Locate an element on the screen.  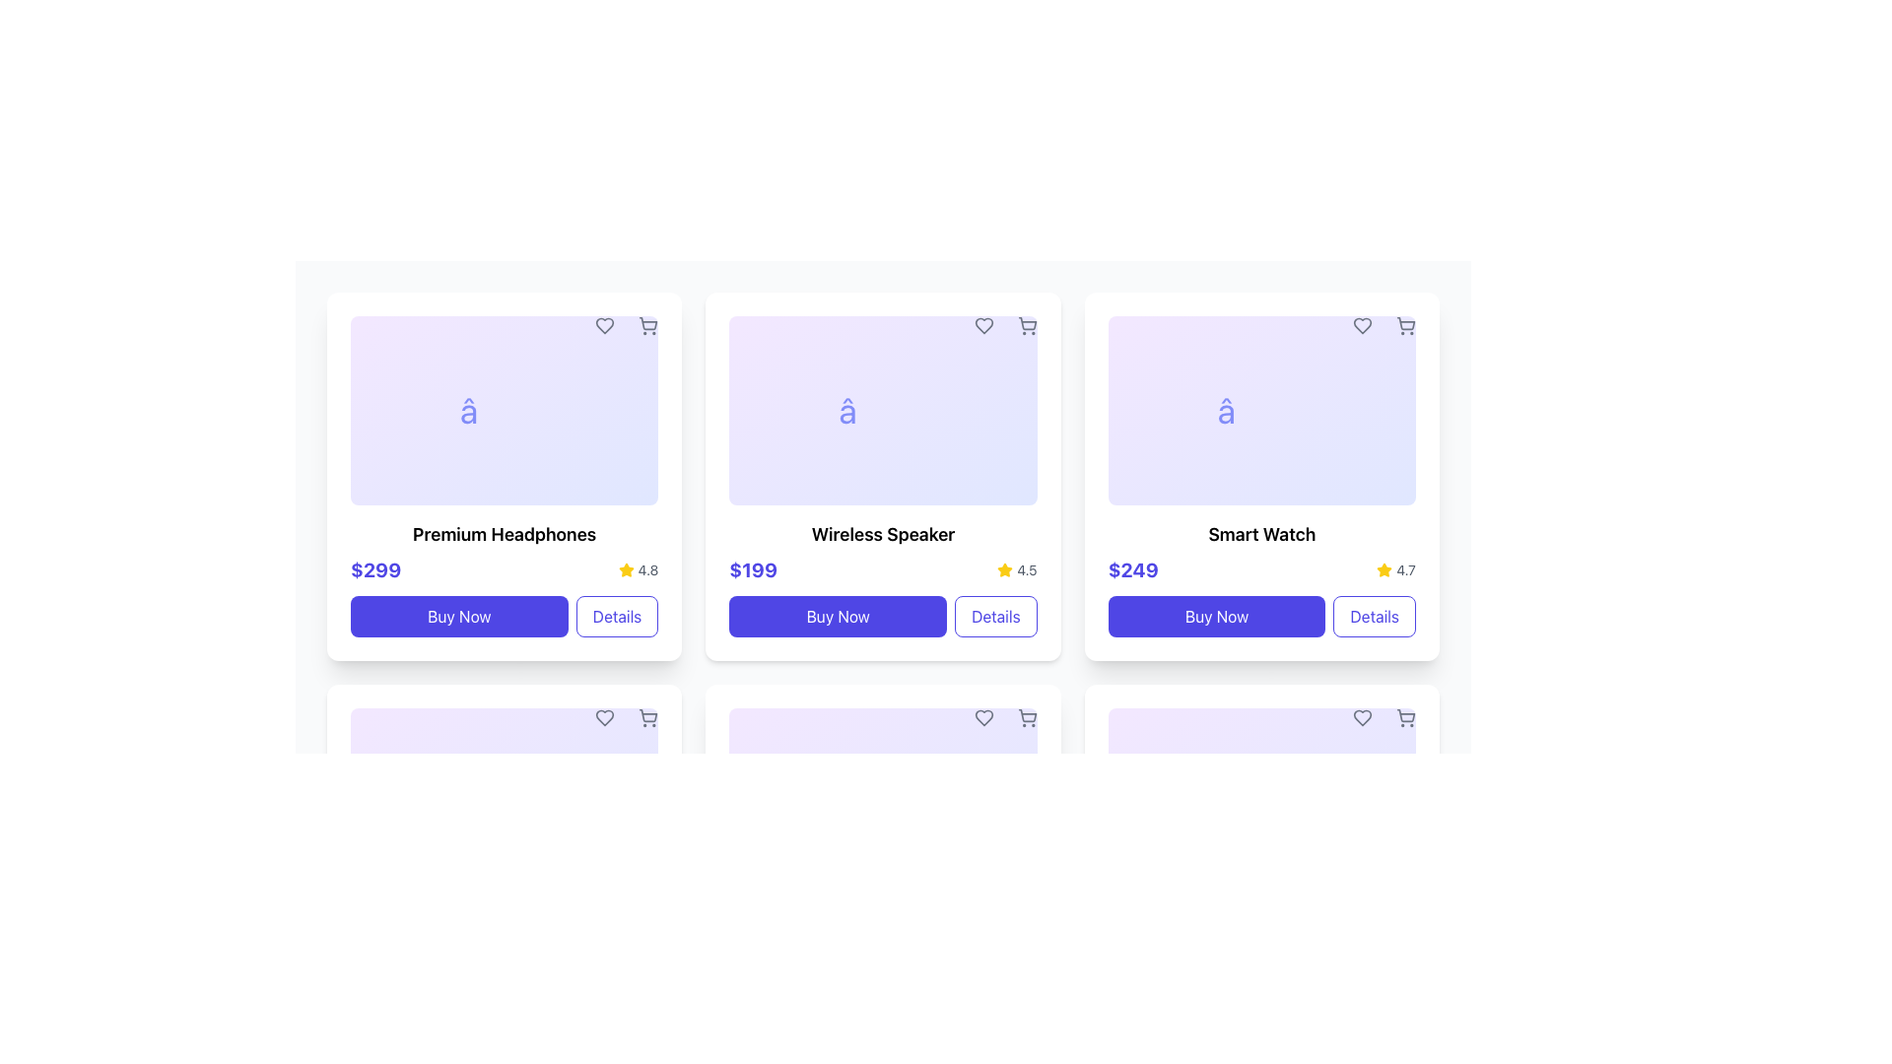
the heart-shaped favorite icon located in the top-right corner of the 'Smart Watch' product card is located at coordinates (1361, 718).